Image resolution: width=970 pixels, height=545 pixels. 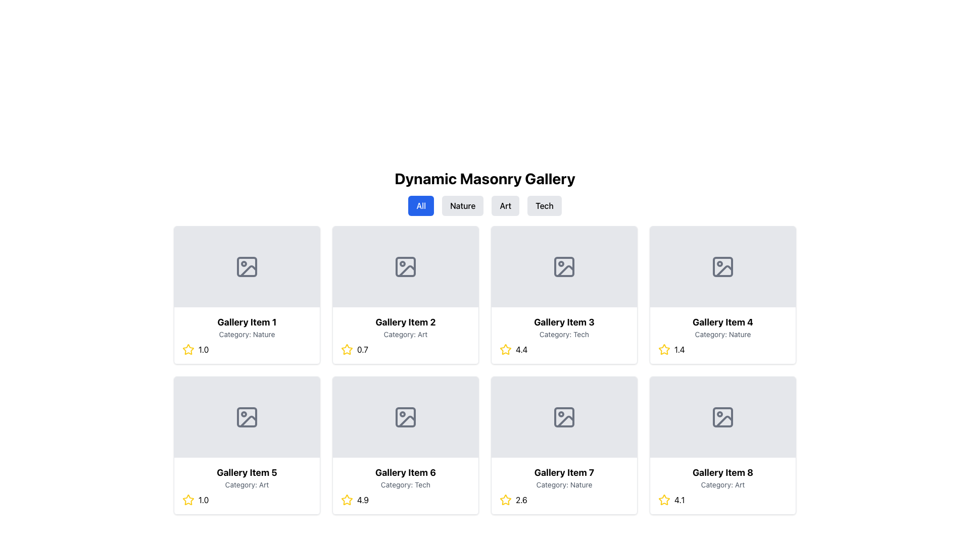 I want to click on the Informational Card located in the sixth position of the bottom row in the grid layout, which displays details about an item including its title, category, and rating, so click(x=405, y=485).